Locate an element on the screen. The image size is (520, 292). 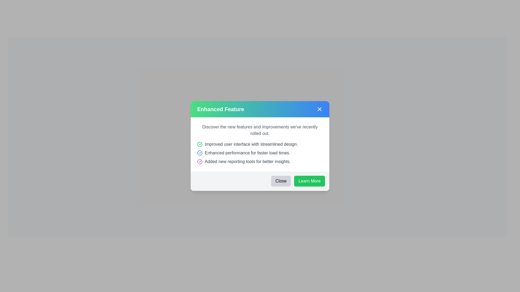
and comprehend the information provided in the third item of the informational list within the modal dialog, which conveys a feature update or enhancement to the user is located at coordinates (260, 161).